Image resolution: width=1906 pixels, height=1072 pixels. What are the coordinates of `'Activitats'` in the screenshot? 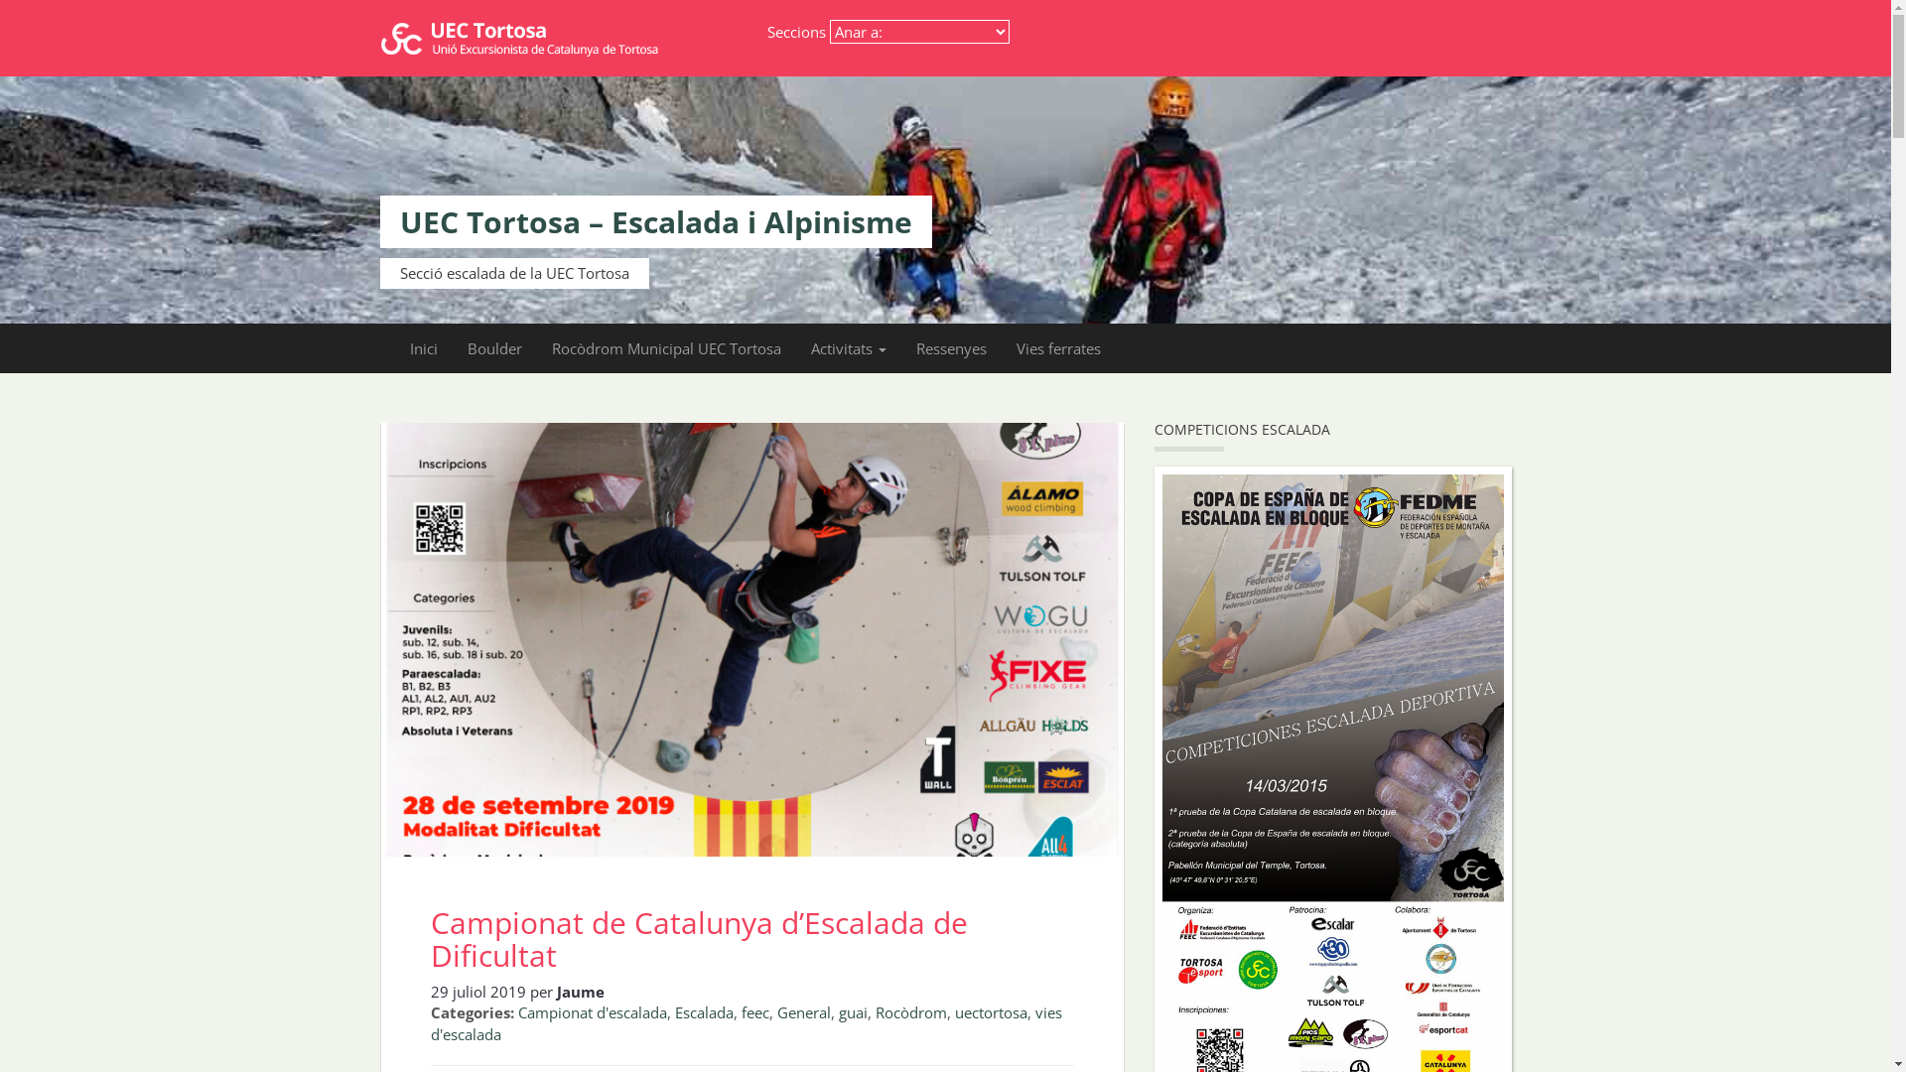 It's located at (848, 347).